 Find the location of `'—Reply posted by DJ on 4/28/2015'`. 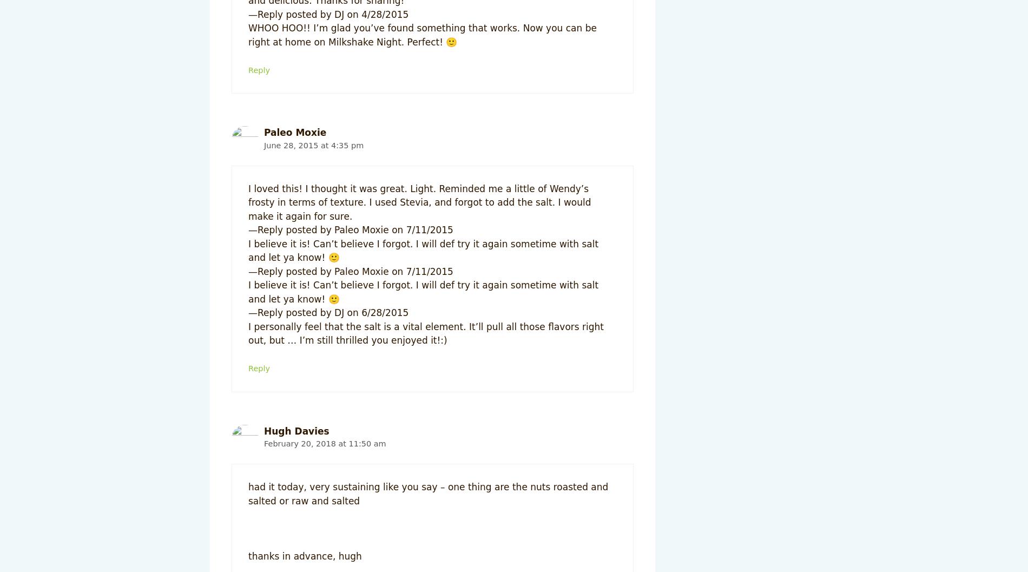

'—Reply posted by DJ on 4/28/2015' is located at coordinates (328, 14).